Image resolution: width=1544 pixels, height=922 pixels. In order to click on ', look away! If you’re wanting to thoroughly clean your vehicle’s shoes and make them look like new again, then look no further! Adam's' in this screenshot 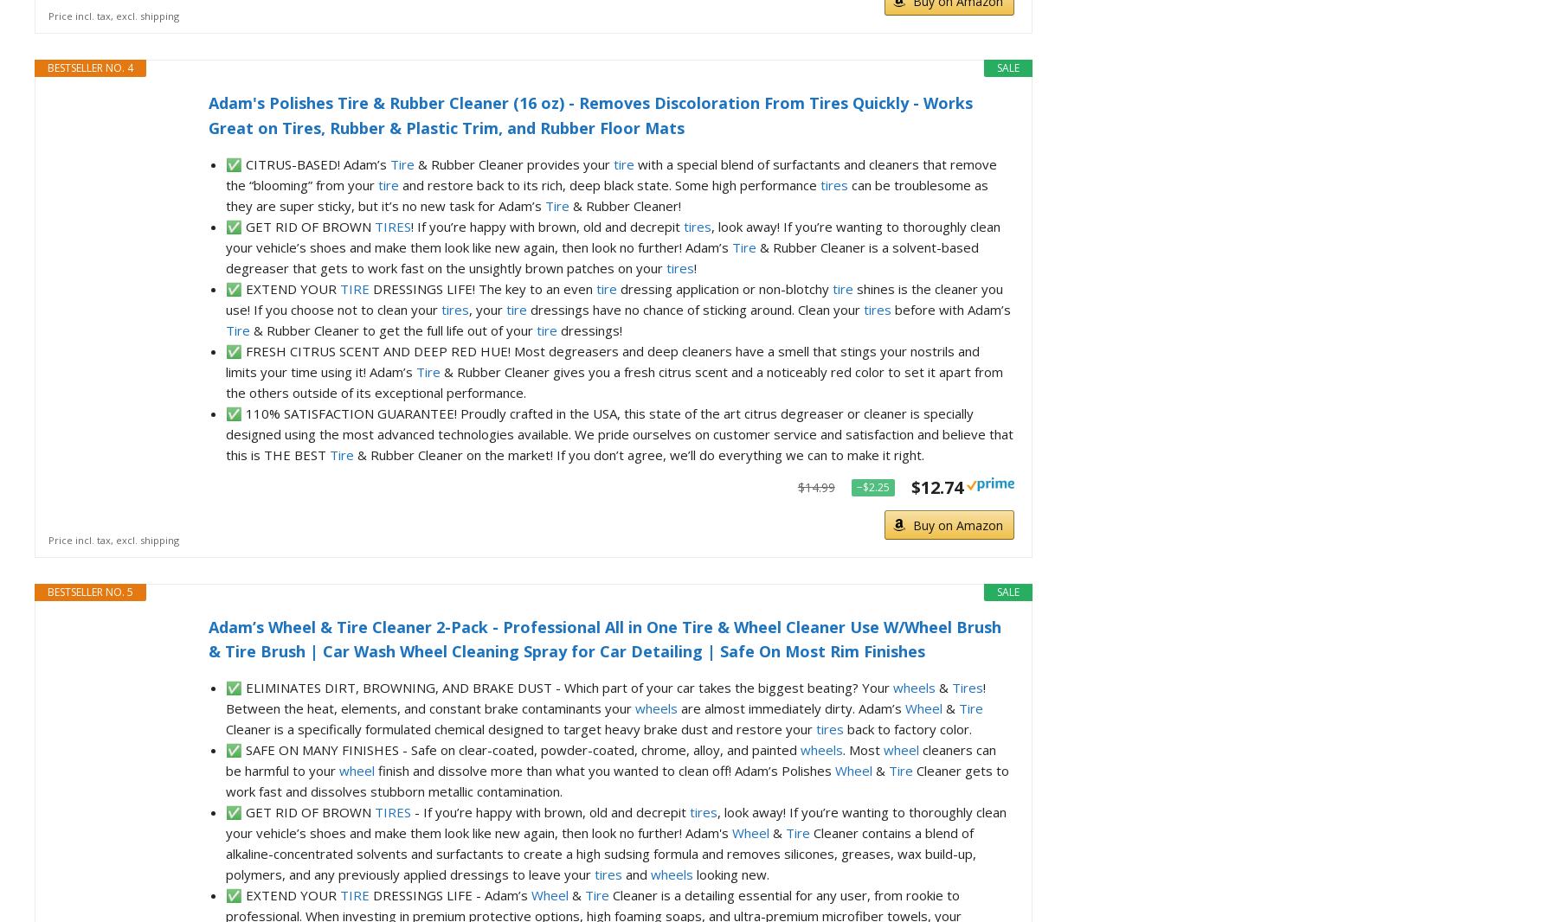, I will do `click(615, 822)`.